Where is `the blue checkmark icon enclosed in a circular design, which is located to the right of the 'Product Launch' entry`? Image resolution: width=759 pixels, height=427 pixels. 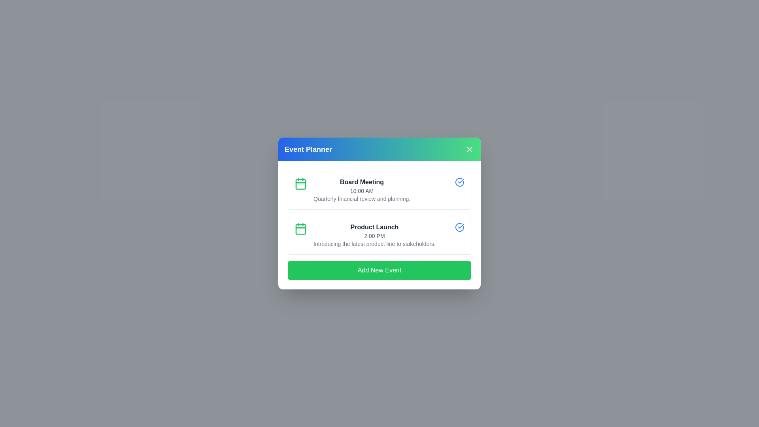 the blue checkmark icon enclosed in a circular design, which is located to the right of the 'Product Launch' entry is located at coordinates (461, 181).